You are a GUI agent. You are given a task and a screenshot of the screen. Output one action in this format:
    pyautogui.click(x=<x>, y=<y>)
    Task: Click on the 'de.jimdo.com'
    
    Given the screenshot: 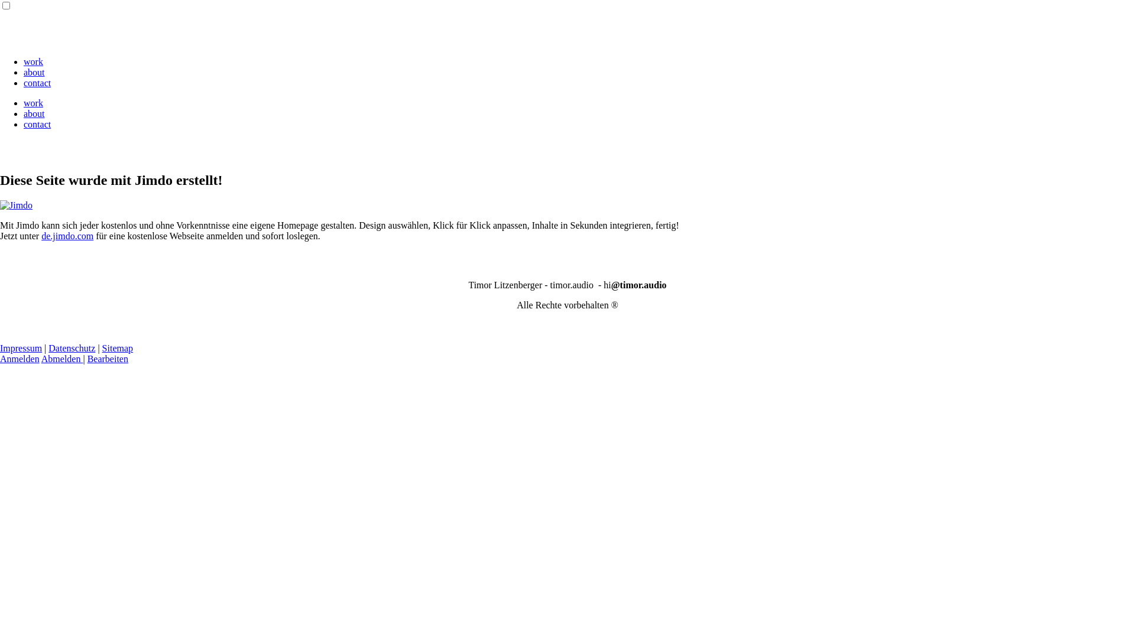 What is the action you would take?
    pyautogui.click(x=67, y=236)
    